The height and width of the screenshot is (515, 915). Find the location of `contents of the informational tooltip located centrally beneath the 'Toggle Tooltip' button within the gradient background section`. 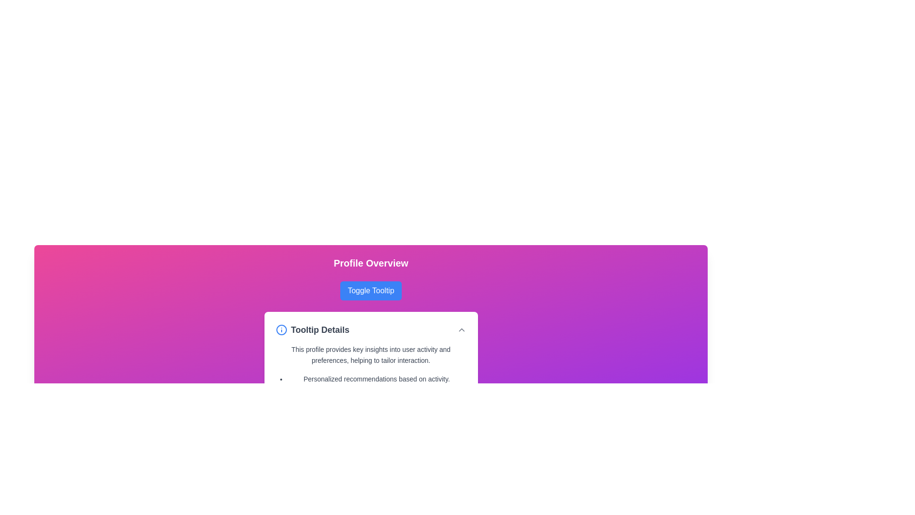

contents of the informational tooltip located centrally beneath the 'Toggle Tooltip' button within the gradient background section is located at coordinates (370, 364).